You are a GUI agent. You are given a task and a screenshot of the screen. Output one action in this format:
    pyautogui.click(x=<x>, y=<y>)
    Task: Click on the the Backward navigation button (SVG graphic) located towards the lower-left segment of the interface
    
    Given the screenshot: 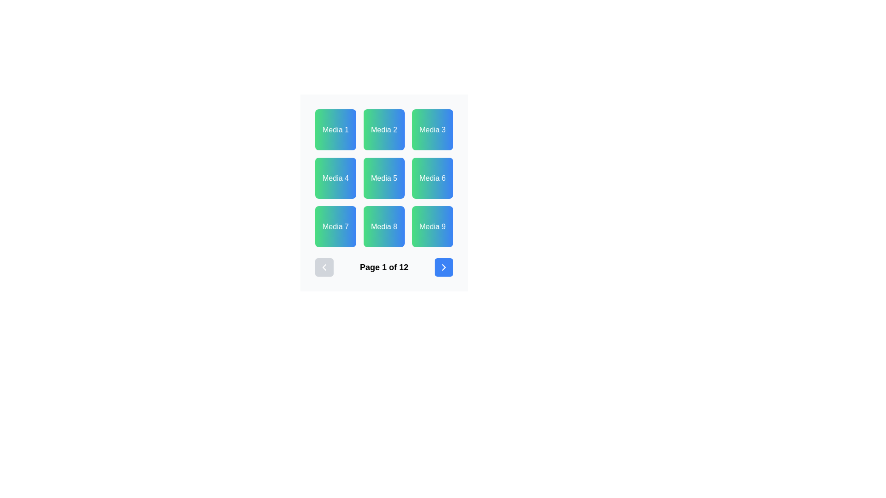 What is the action you would take?
    pyautogui.click(x=324, y=267)
    